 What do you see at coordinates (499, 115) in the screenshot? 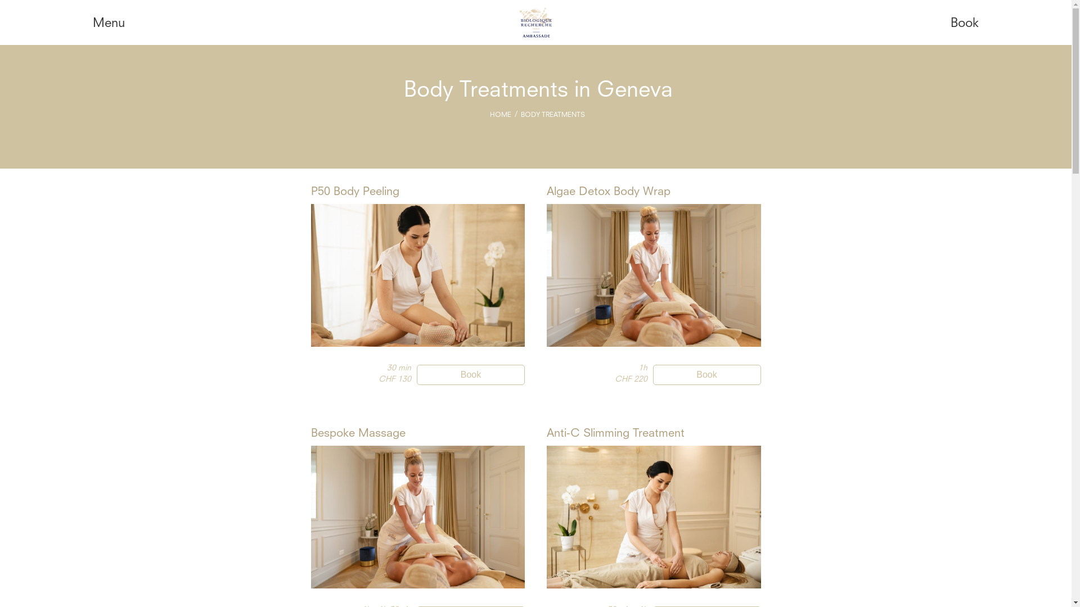
I see `'HOME'` at bounding box center [499, 115].